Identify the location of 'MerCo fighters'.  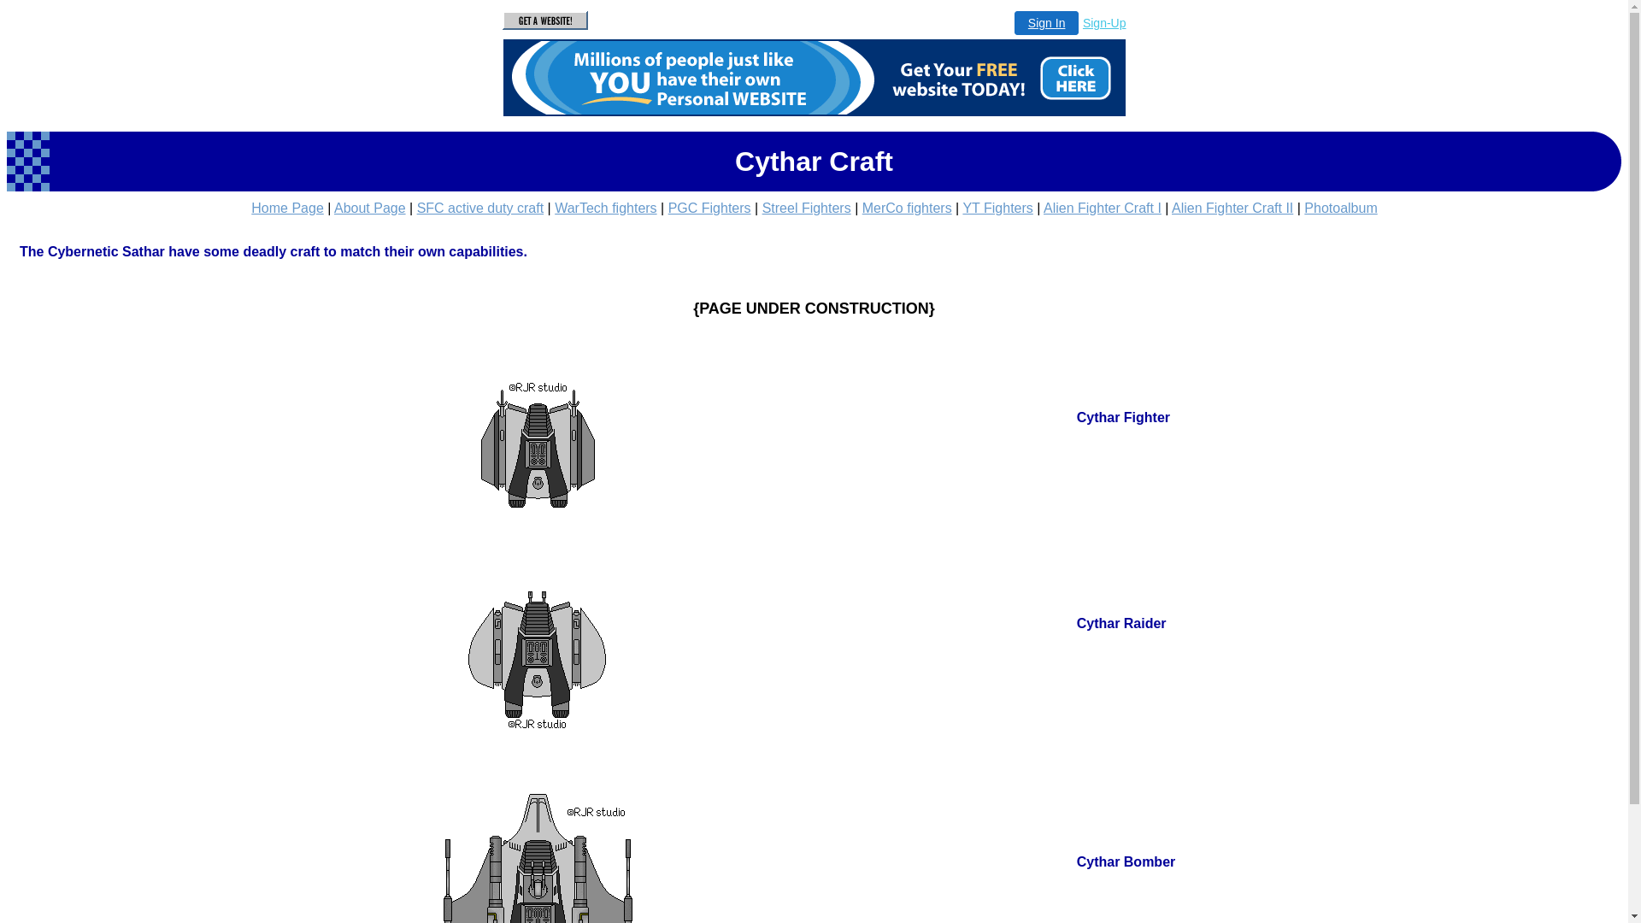
(906, 207).